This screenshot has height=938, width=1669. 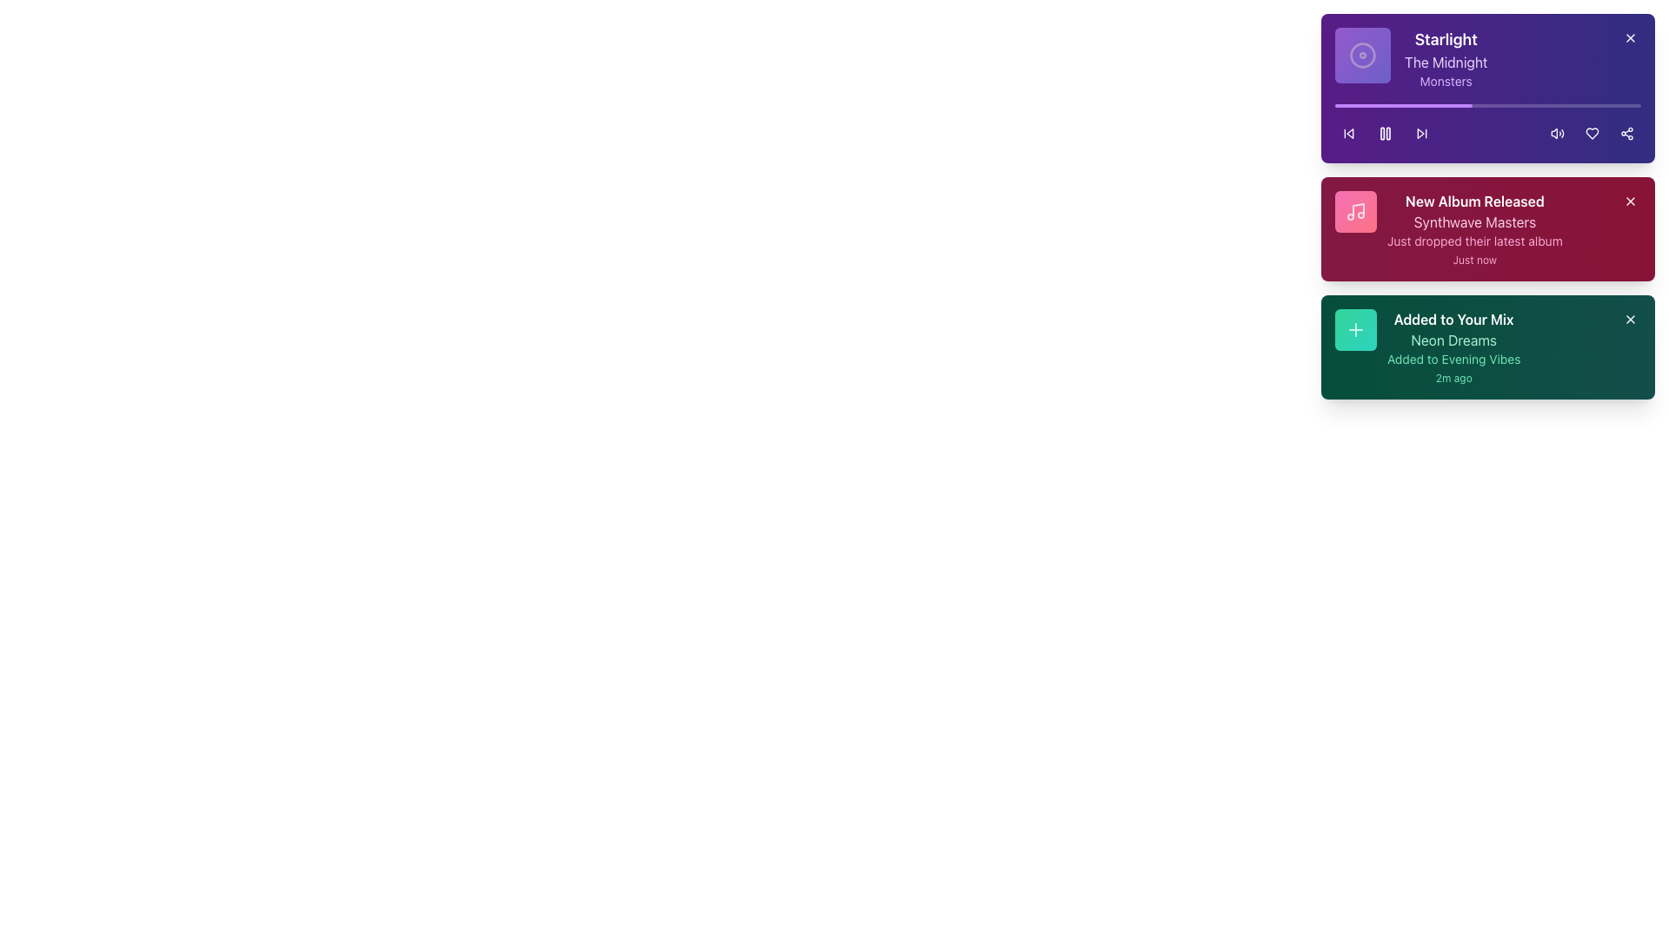 I want to click on the 'Like' or 'Favorite' button located within the purple notification card, positioned between the volume icon and the share icon, to favorite the content, so click(x=1593, y=133).